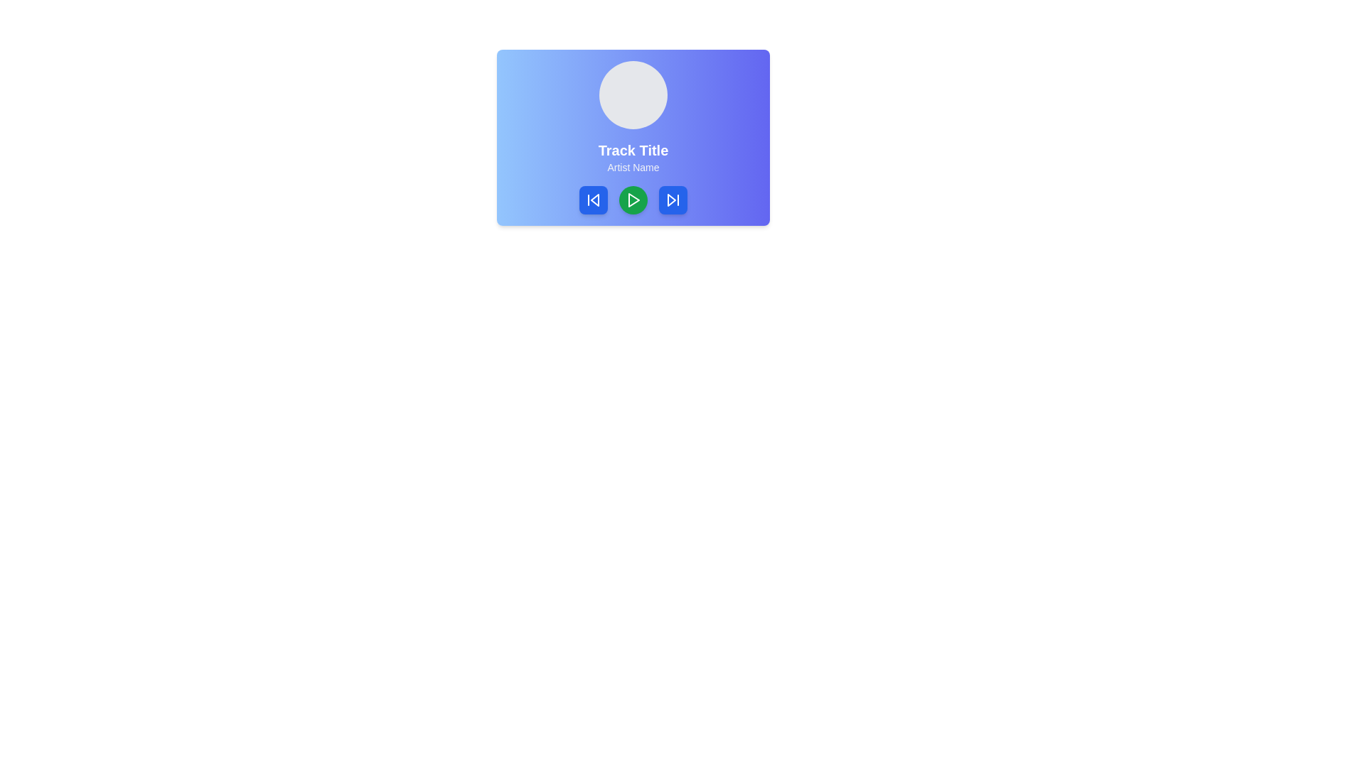  Describe the element at coordinates (594, 200) in the screenshot. I see `the first button from the left, which has a blue background and a white skip-backward icon, to skip back` at that location.